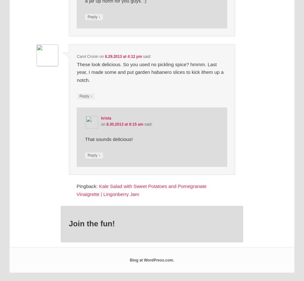  Describe the element at coordinates (141, 190) in the screenshot. I see `'Kale Salad with Sweet Potatoes and Pomegranate Vinaigrette | Lingonberry Jam'` at that location.